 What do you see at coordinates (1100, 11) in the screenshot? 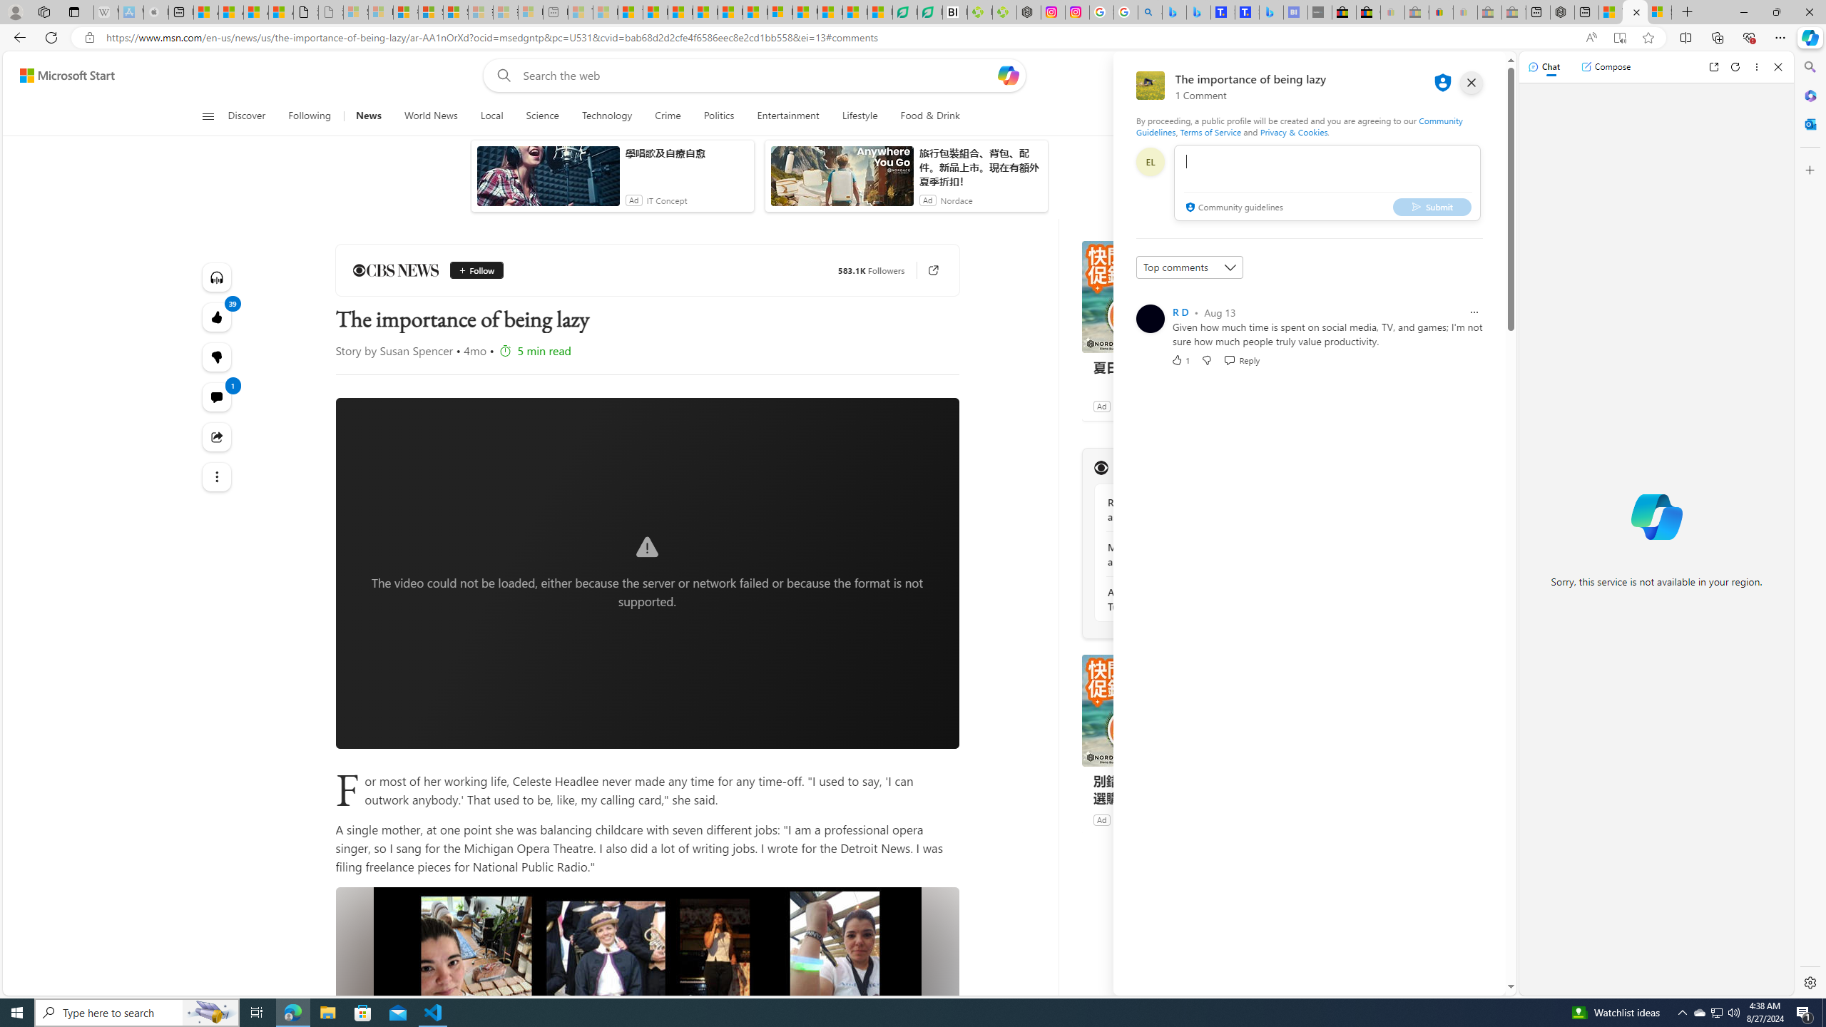
I see `'Safety in Our Products - Google Safety Center'` at bounding box center [1100, 11].